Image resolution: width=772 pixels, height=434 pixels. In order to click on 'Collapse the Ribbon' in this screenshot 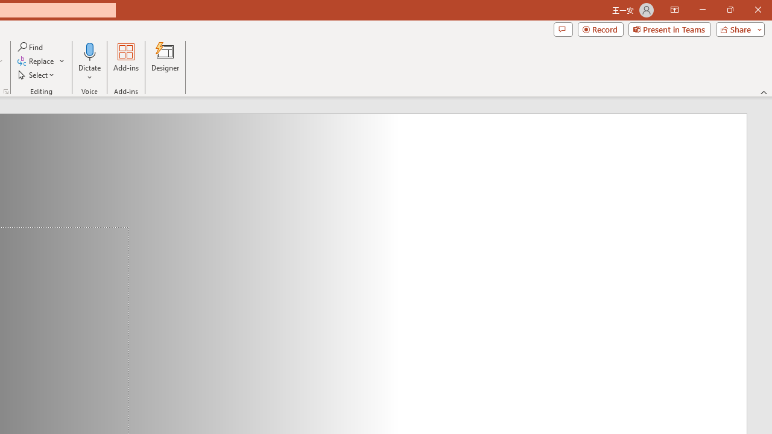, I will do `click(764, 92)`.